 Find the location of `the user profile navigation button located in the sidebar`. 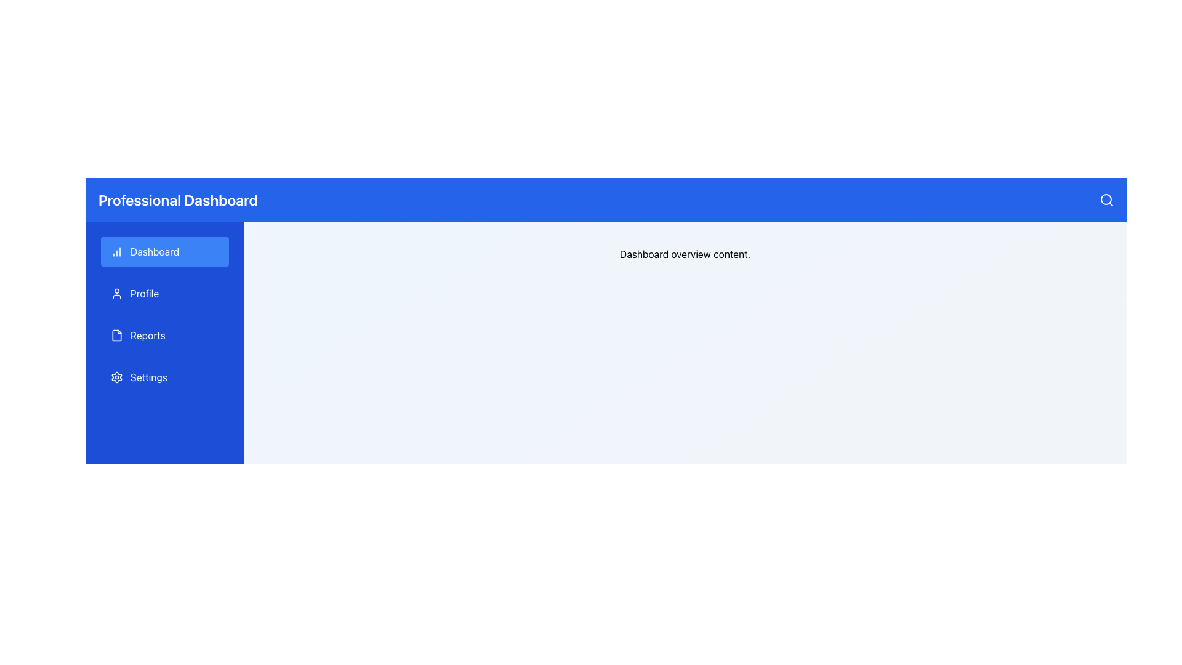

the user profile navigation button located in the sidebar is located at coordinates (164, 294).